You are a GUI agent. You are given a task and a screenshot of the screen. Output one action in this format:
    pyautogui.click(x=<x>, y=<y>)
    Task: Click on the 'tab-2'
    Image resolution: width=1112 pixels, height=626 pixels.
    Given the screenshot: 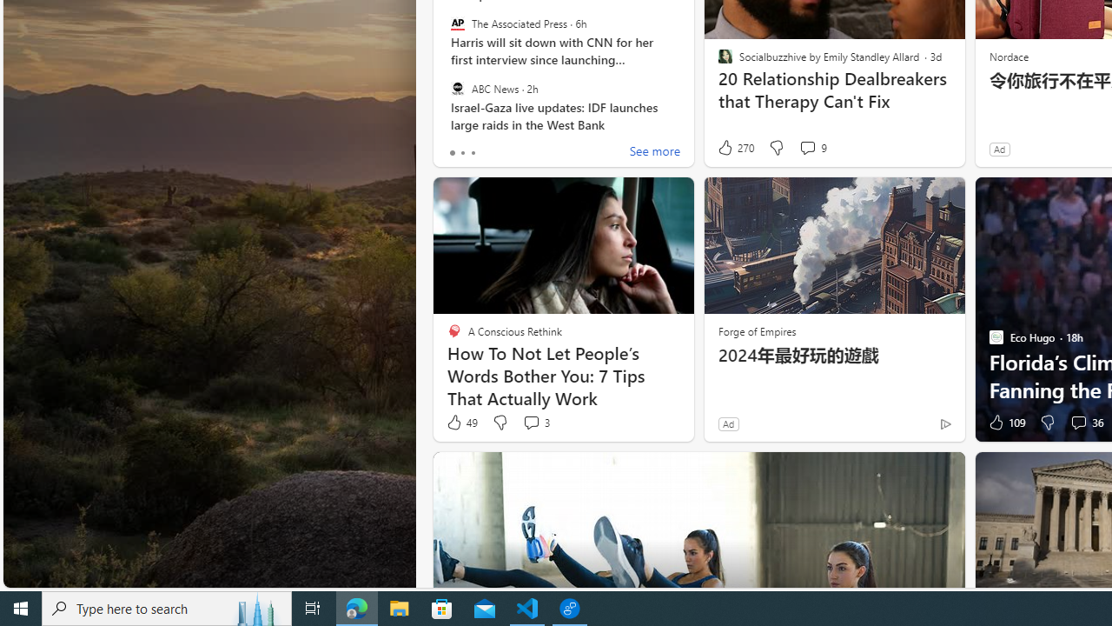 What is the action you would take?
    pyautogui.click(x=473, y=152)
    